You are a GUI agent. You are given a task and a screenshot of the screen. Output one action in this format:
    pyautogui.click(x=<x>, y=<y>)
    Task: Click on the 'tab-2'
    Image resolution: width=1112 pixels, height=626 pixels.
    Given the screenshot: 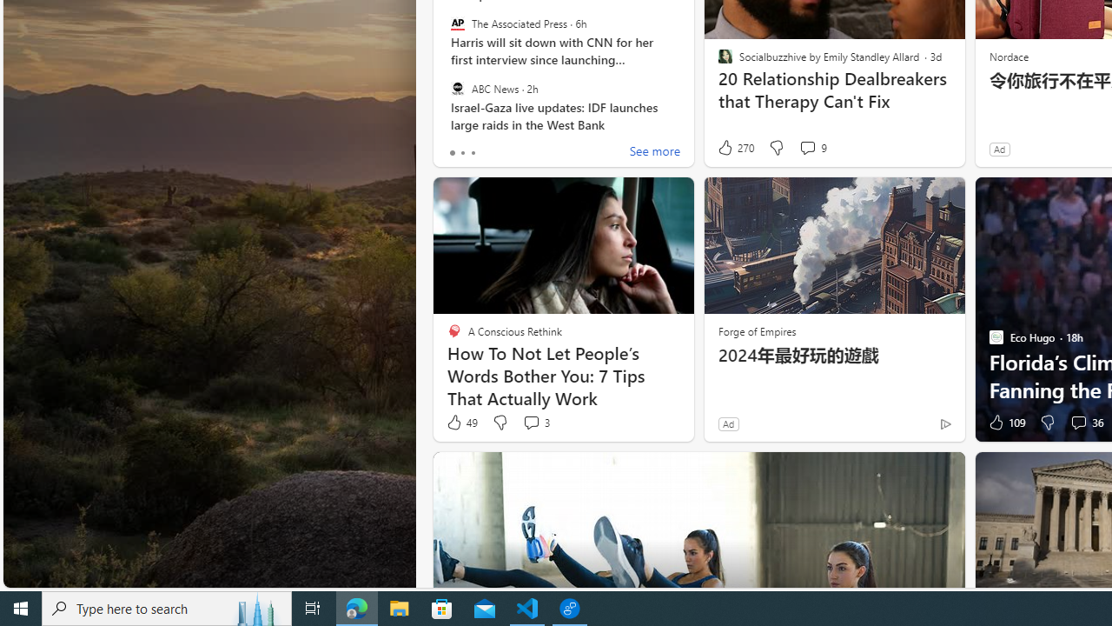 What is the action you would take?
    pyautogui.click(x=473, y=152)
    